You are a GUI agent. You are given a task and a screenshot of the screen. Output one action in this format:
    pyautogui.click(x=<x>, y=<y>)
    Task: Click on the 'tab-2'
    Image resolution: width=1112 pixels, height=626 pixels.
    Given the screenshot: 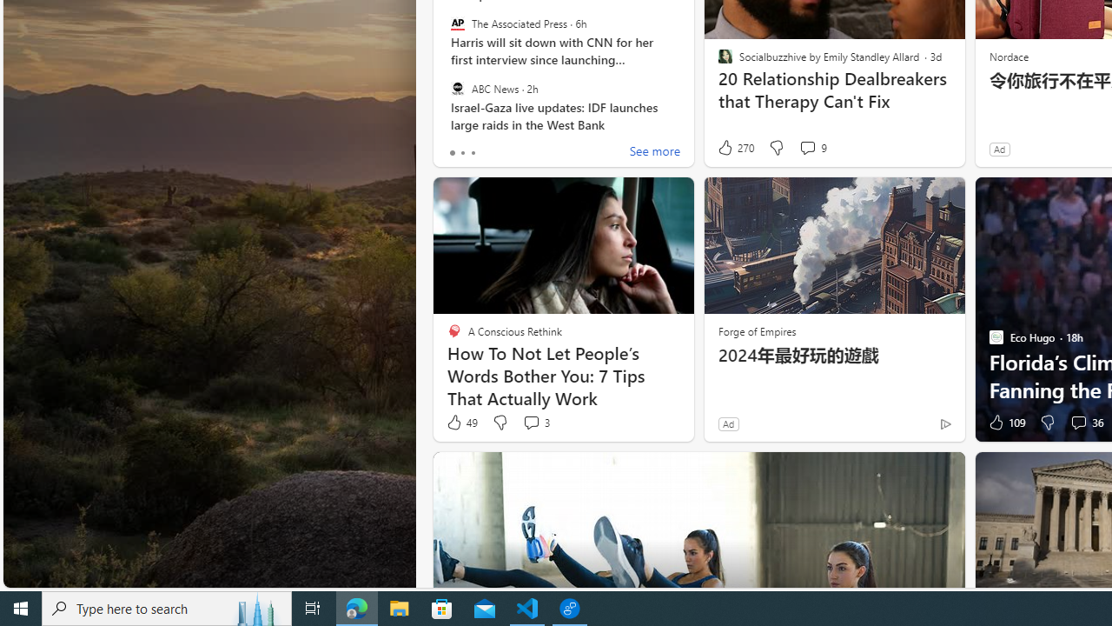 What is the action you would take?
    pyautogui.click(x=473, y=152)
    